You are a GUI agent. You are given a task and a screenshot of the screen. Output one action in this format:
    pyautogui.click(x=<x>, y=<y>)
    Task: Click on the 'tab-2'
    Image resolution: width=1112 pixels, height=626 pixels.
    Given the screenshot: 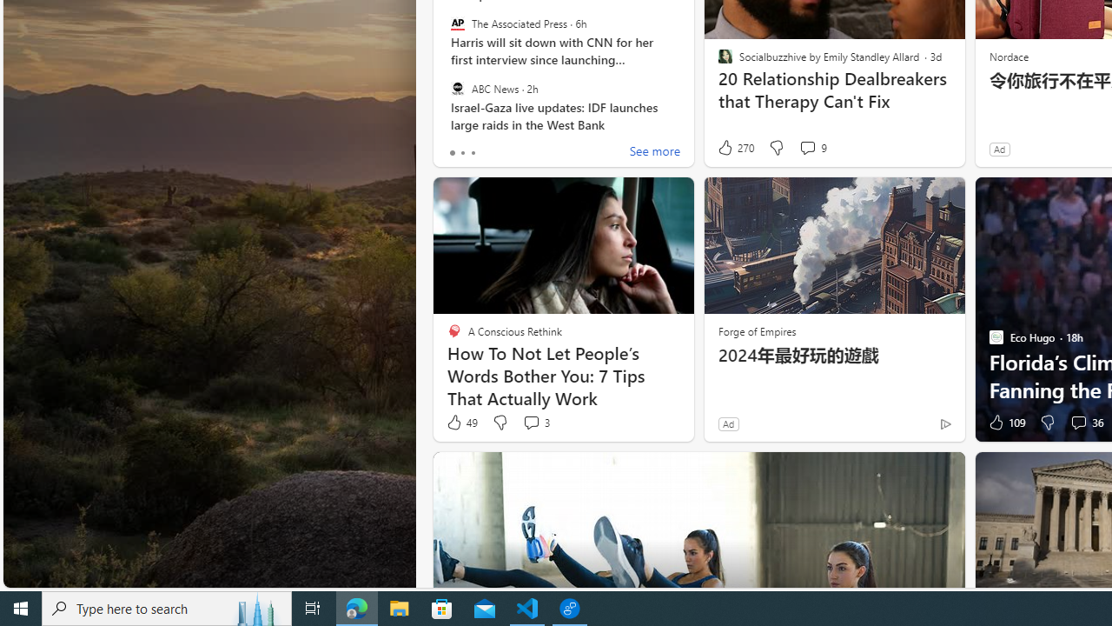 What is the action you would take?
    pyautogui.click(x=473, y=152)
    